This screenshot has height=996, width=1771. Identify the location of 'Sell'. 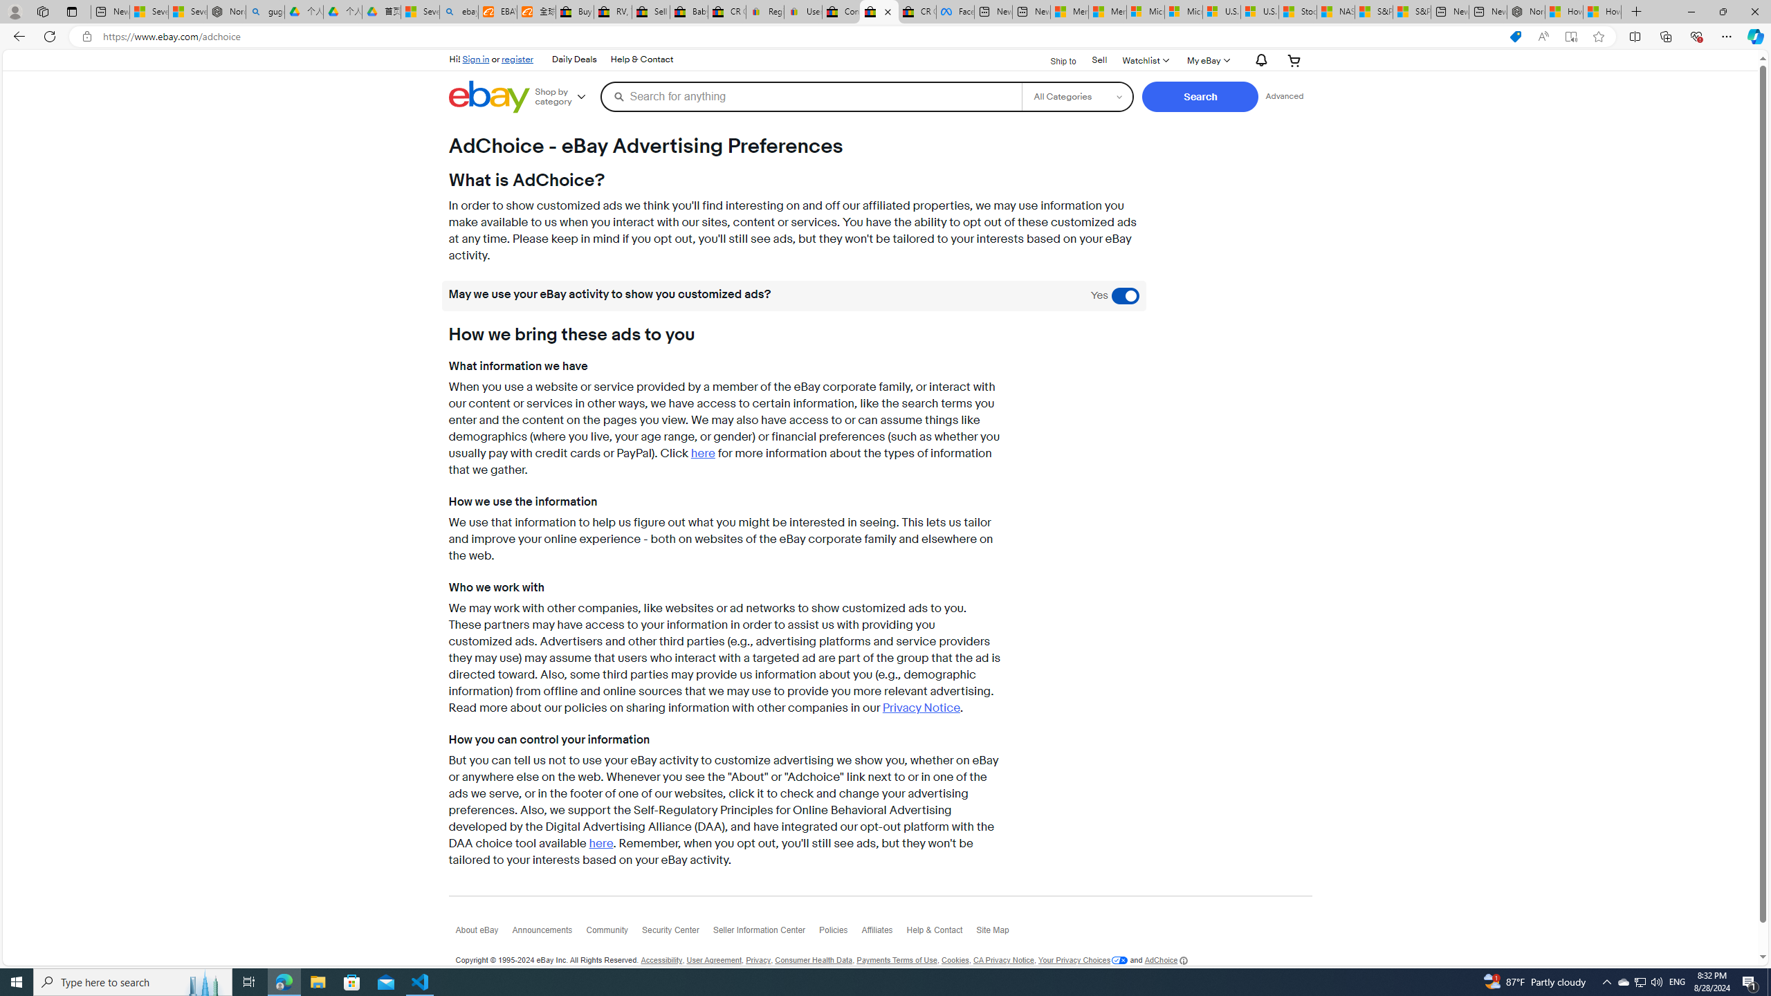
(1099, 59).